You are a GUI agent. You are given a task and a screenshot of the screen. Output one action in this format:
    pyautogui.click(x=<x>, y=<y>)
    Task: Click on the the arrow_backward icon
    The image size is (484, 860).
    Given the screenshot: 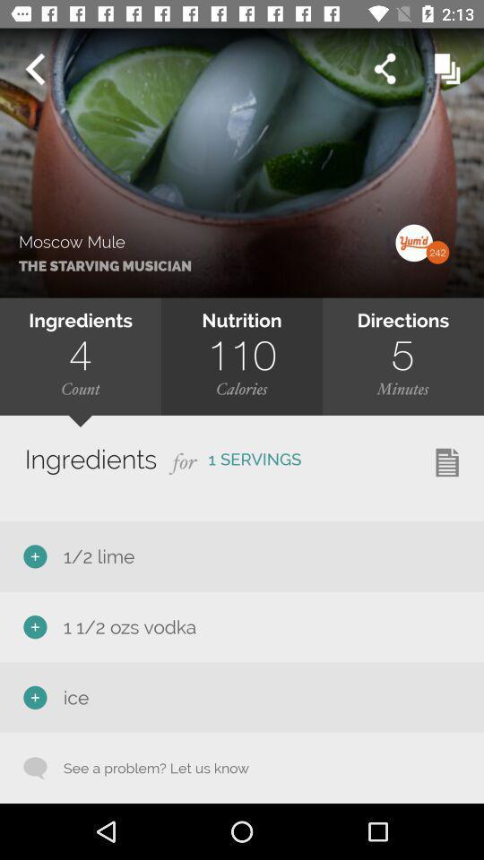 What is the action you would take?
    pyautogui.click(x=34, y=69)
    